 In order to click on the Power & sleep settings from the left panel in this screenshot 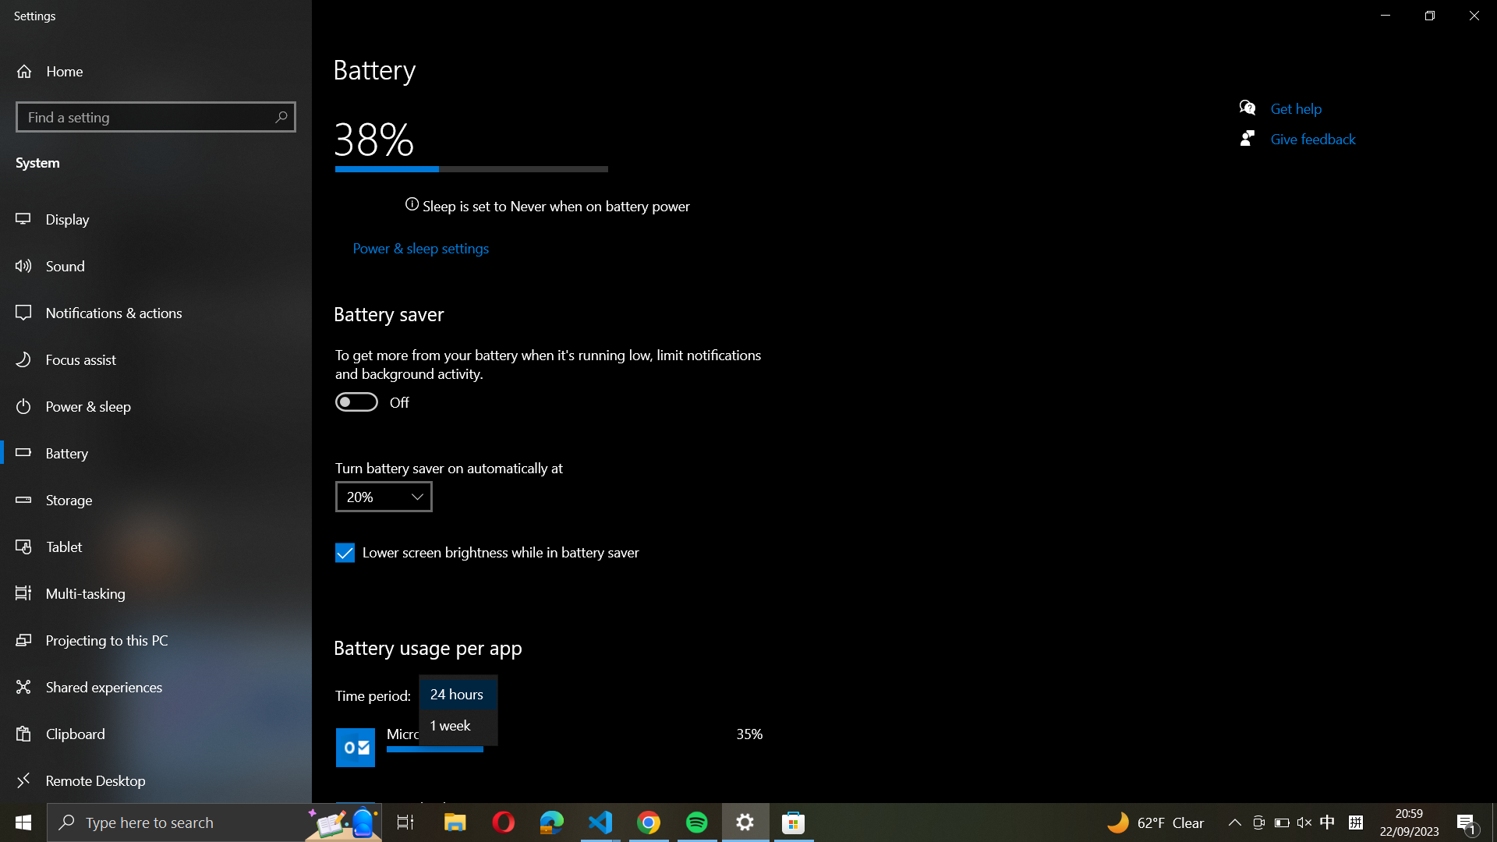, I will do `click(419, 249)`.